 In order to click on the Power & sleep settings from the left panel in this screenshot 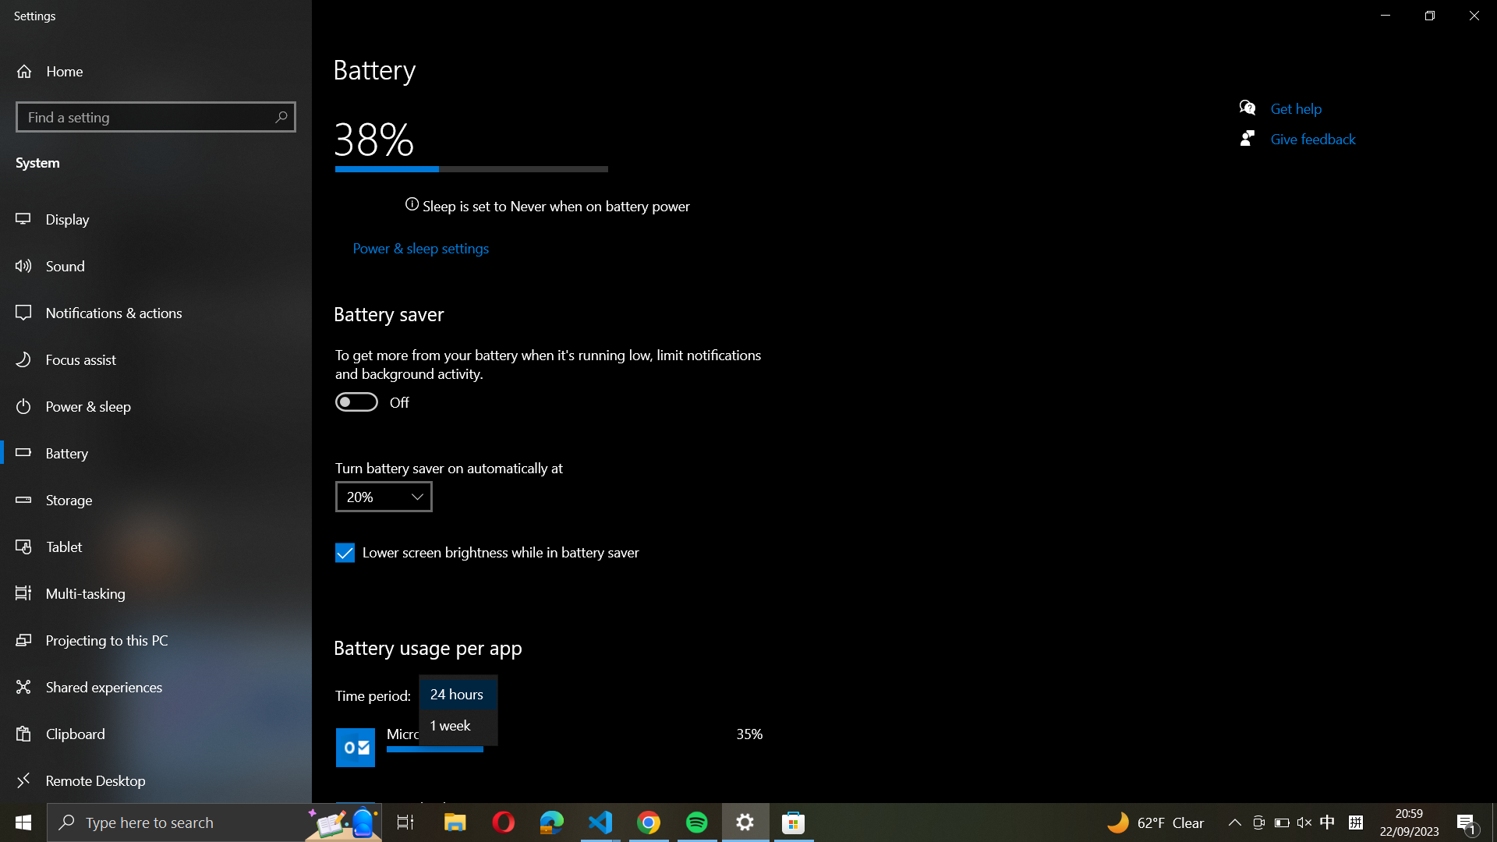, I will do `click(419, 249)`.